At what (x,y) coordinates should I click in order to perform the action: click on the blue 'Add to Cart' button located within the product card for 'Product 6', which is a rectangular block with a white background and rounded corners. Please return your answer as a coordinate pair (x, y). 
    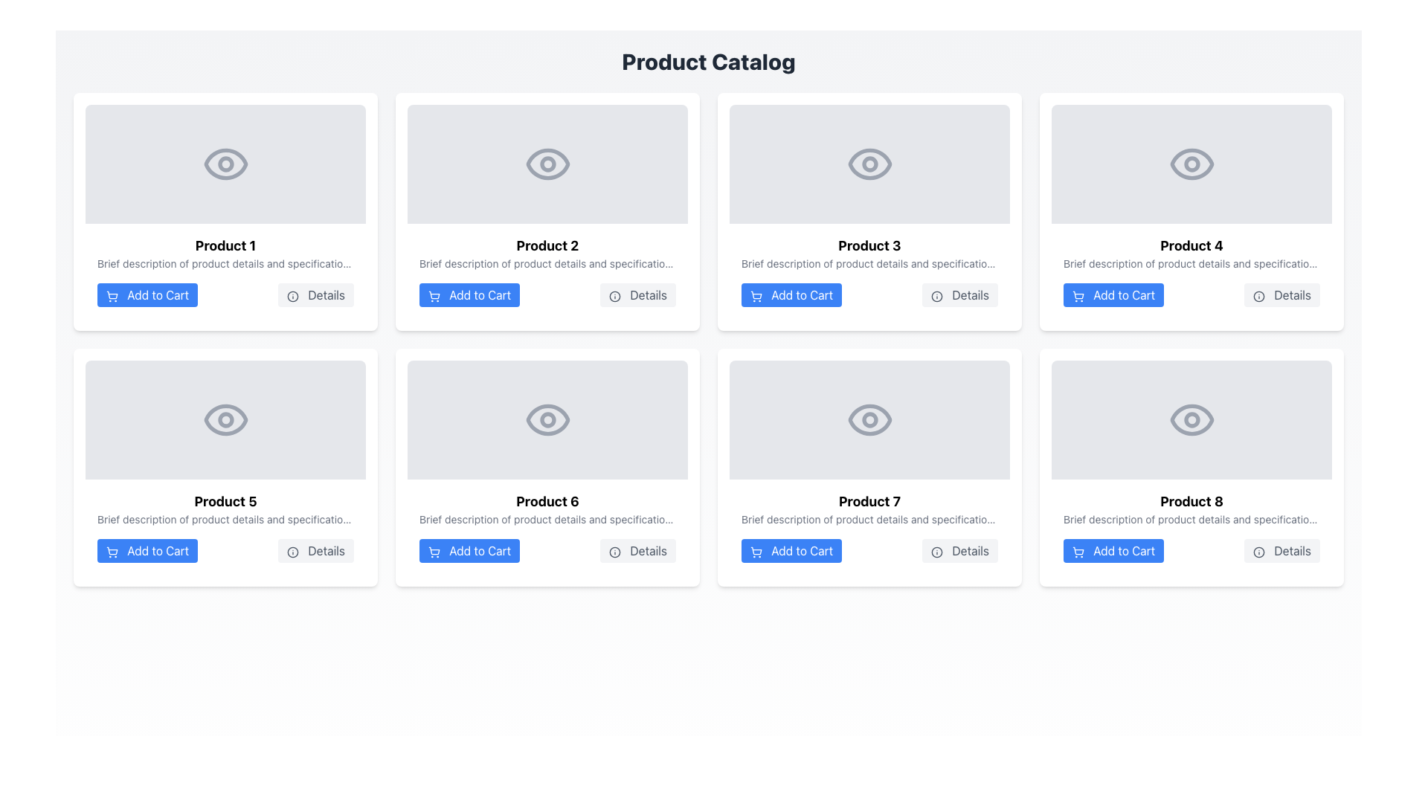
    Looking at the image, I should click on (547, 526).